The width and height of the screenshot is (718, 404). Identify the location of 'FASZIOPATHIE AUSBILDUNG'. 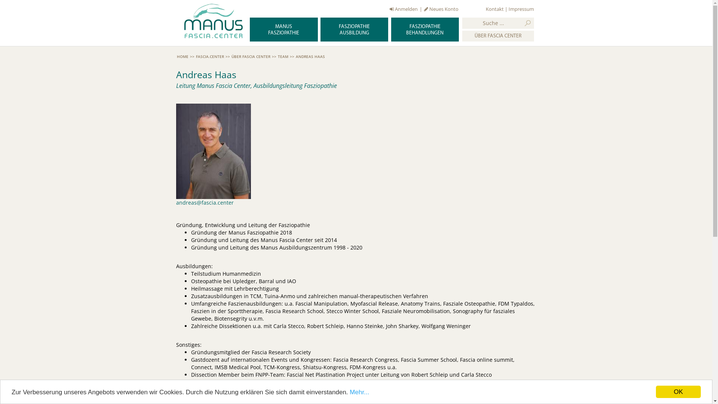
(354, 29).